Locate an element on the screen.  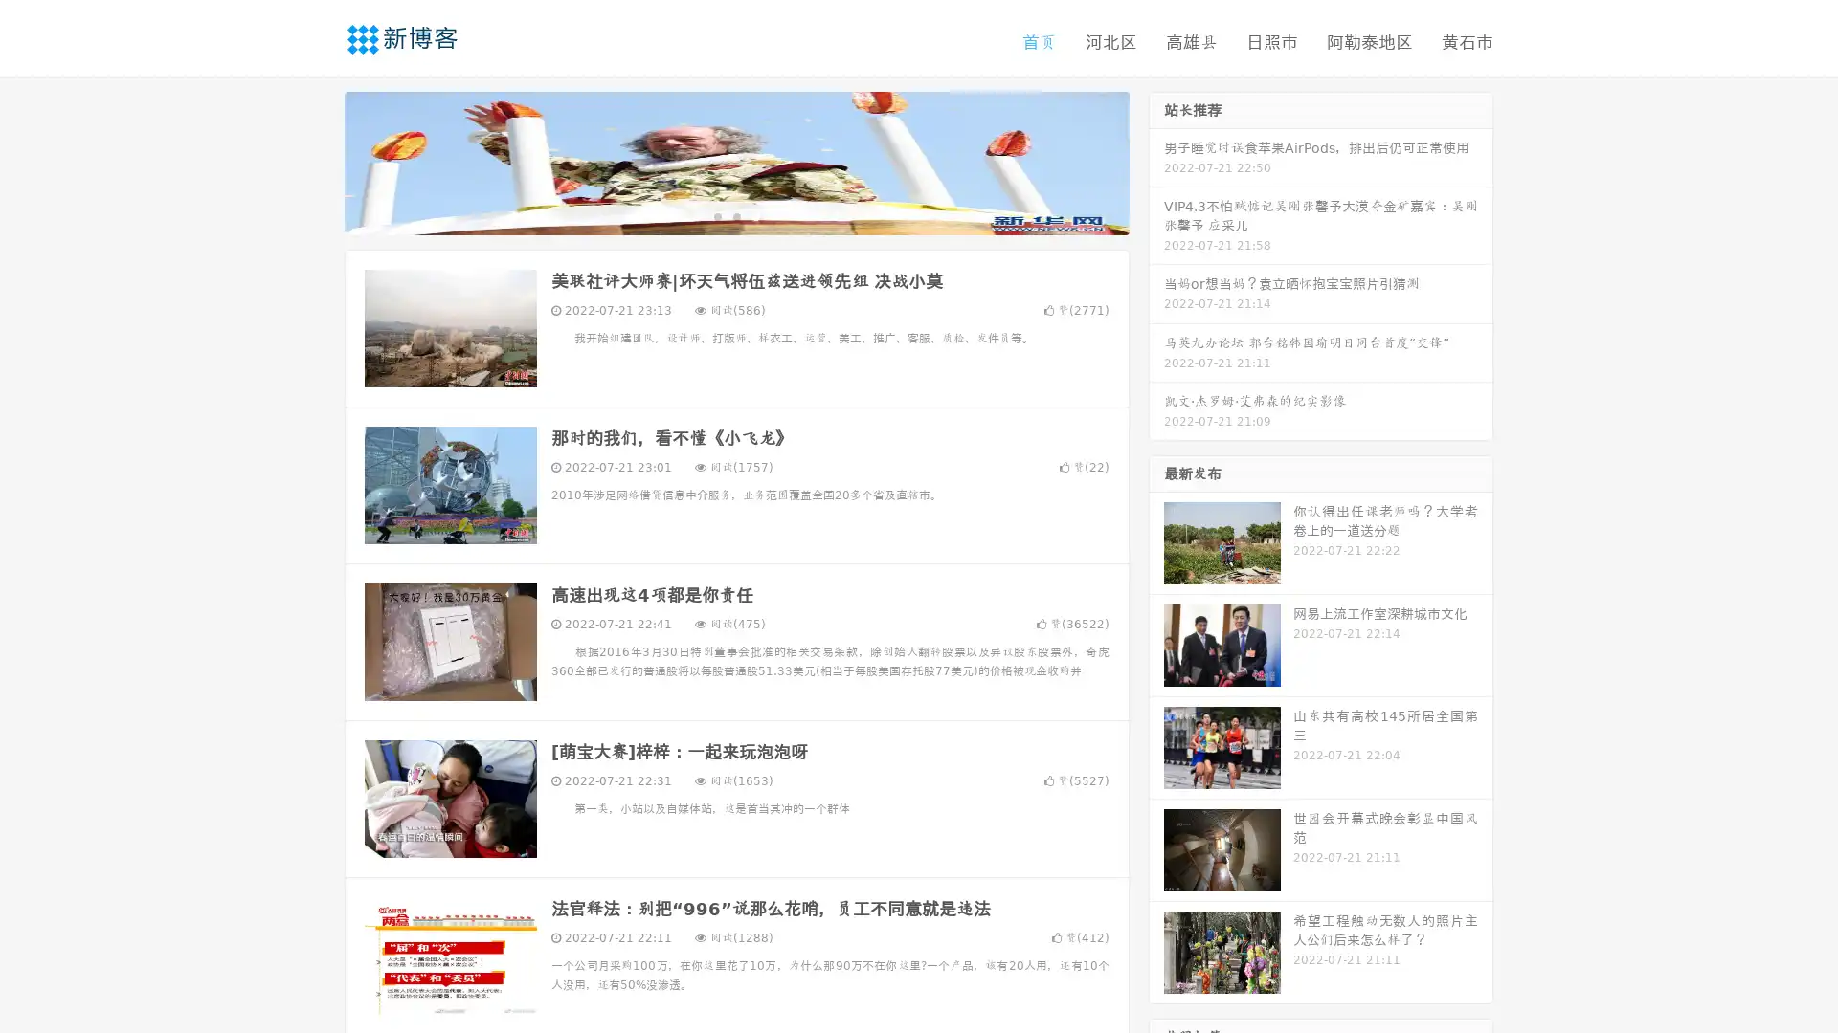
Go to slide 2 is located at coordinates (735, 215).